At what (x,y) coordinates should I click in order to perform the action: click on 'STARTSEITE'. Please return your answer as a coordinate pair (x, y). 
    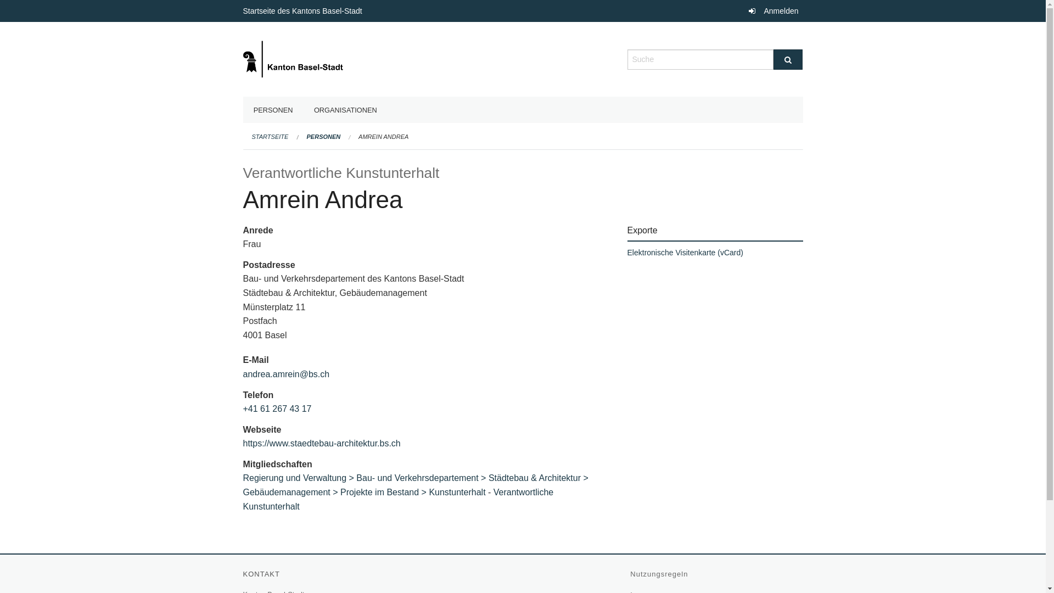
    Looking at the image, I should click on (270, 136).